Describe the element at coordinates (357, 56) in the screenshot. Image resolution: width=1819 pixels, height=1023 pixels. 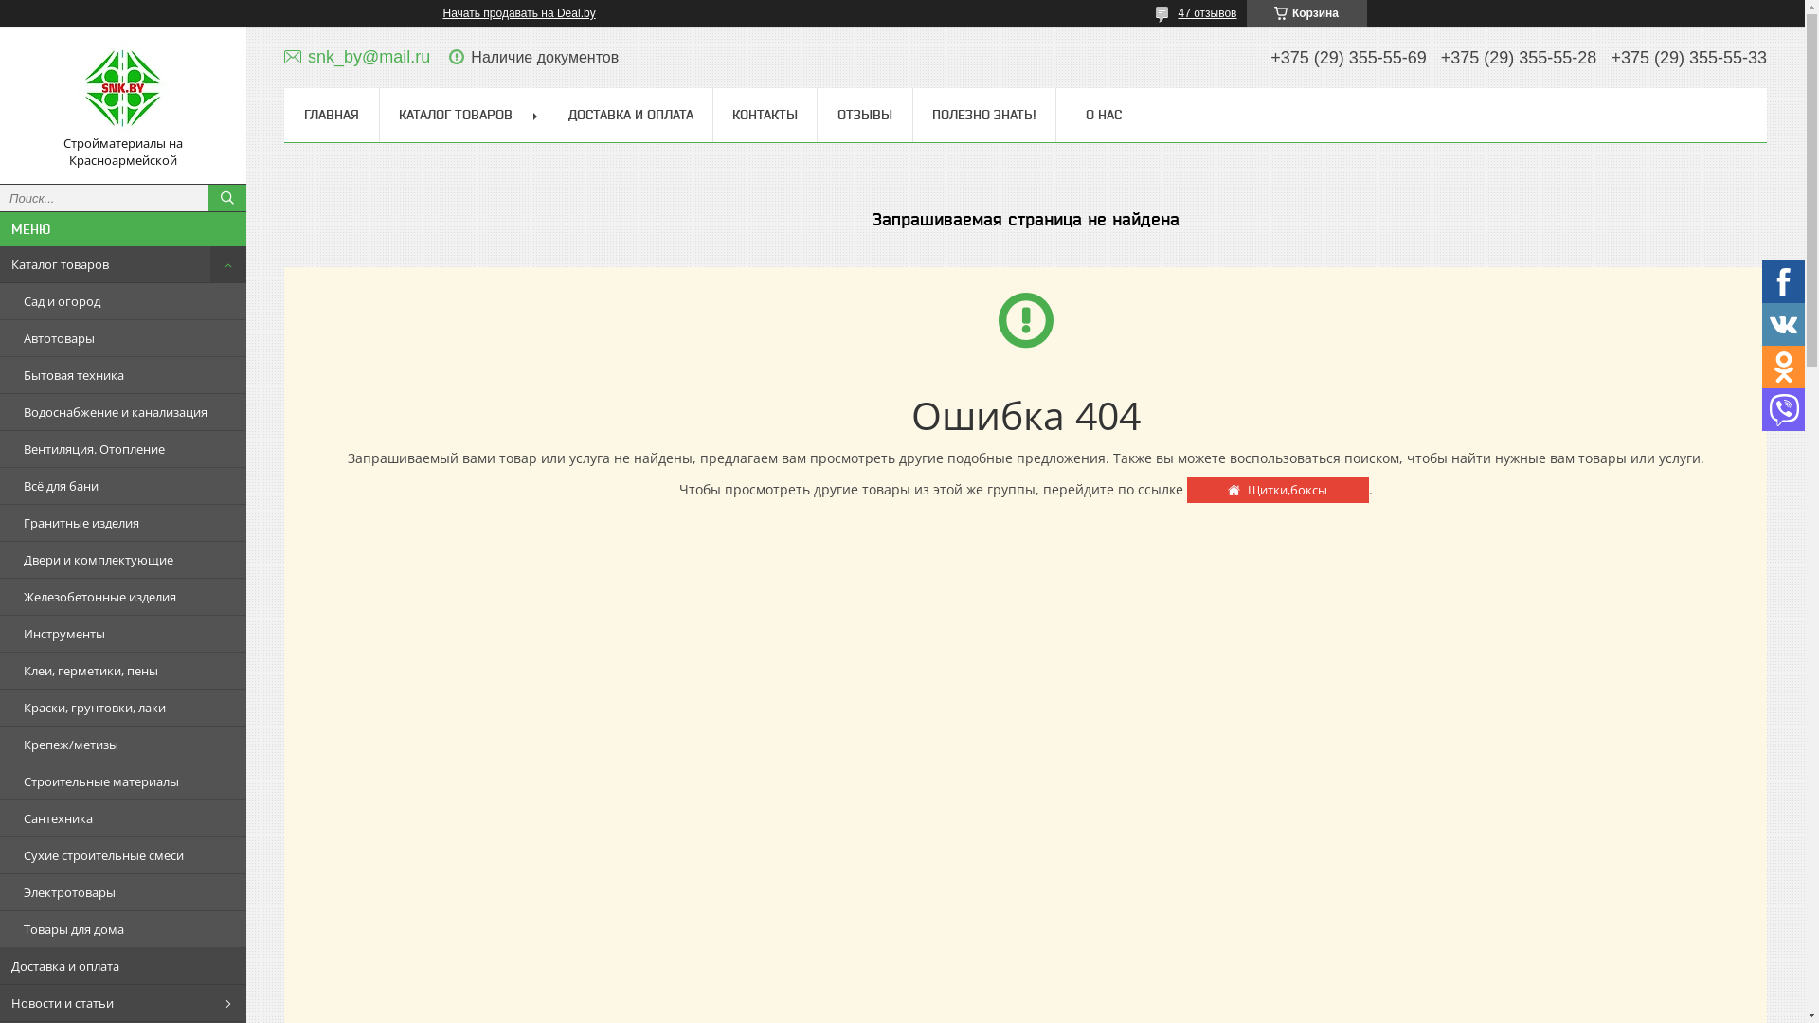
I see `'snk_by@mail.ru'` at that location.